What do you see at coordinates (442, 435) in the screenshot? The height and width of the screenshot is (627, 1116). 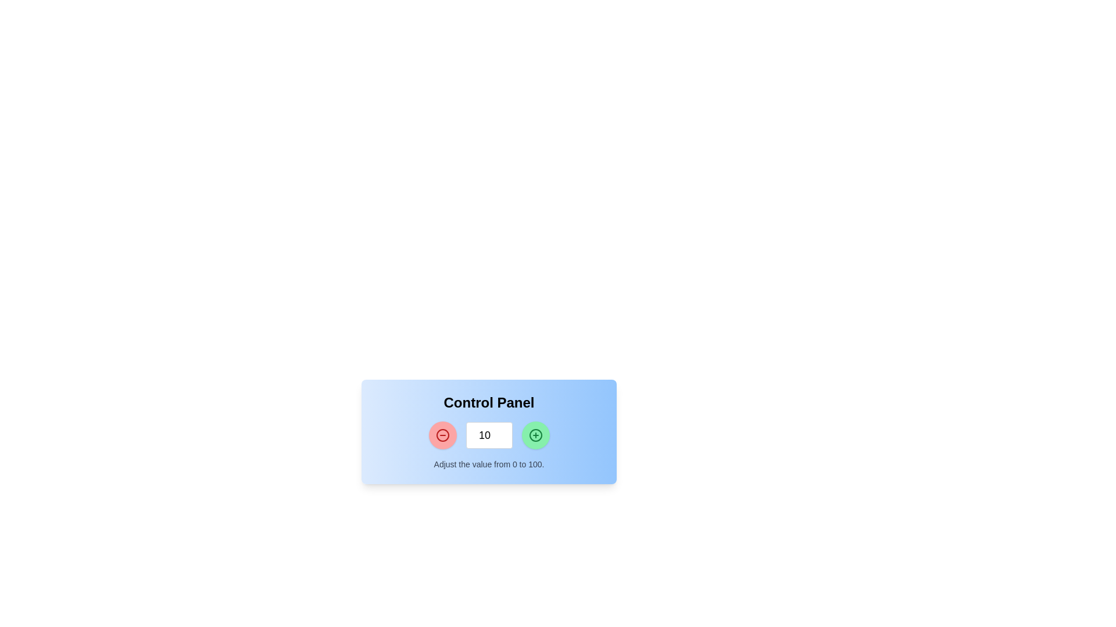 I see `the decrement action icon located inside the red circular button on the far left of the control panel` at bounding box center [442, 435].